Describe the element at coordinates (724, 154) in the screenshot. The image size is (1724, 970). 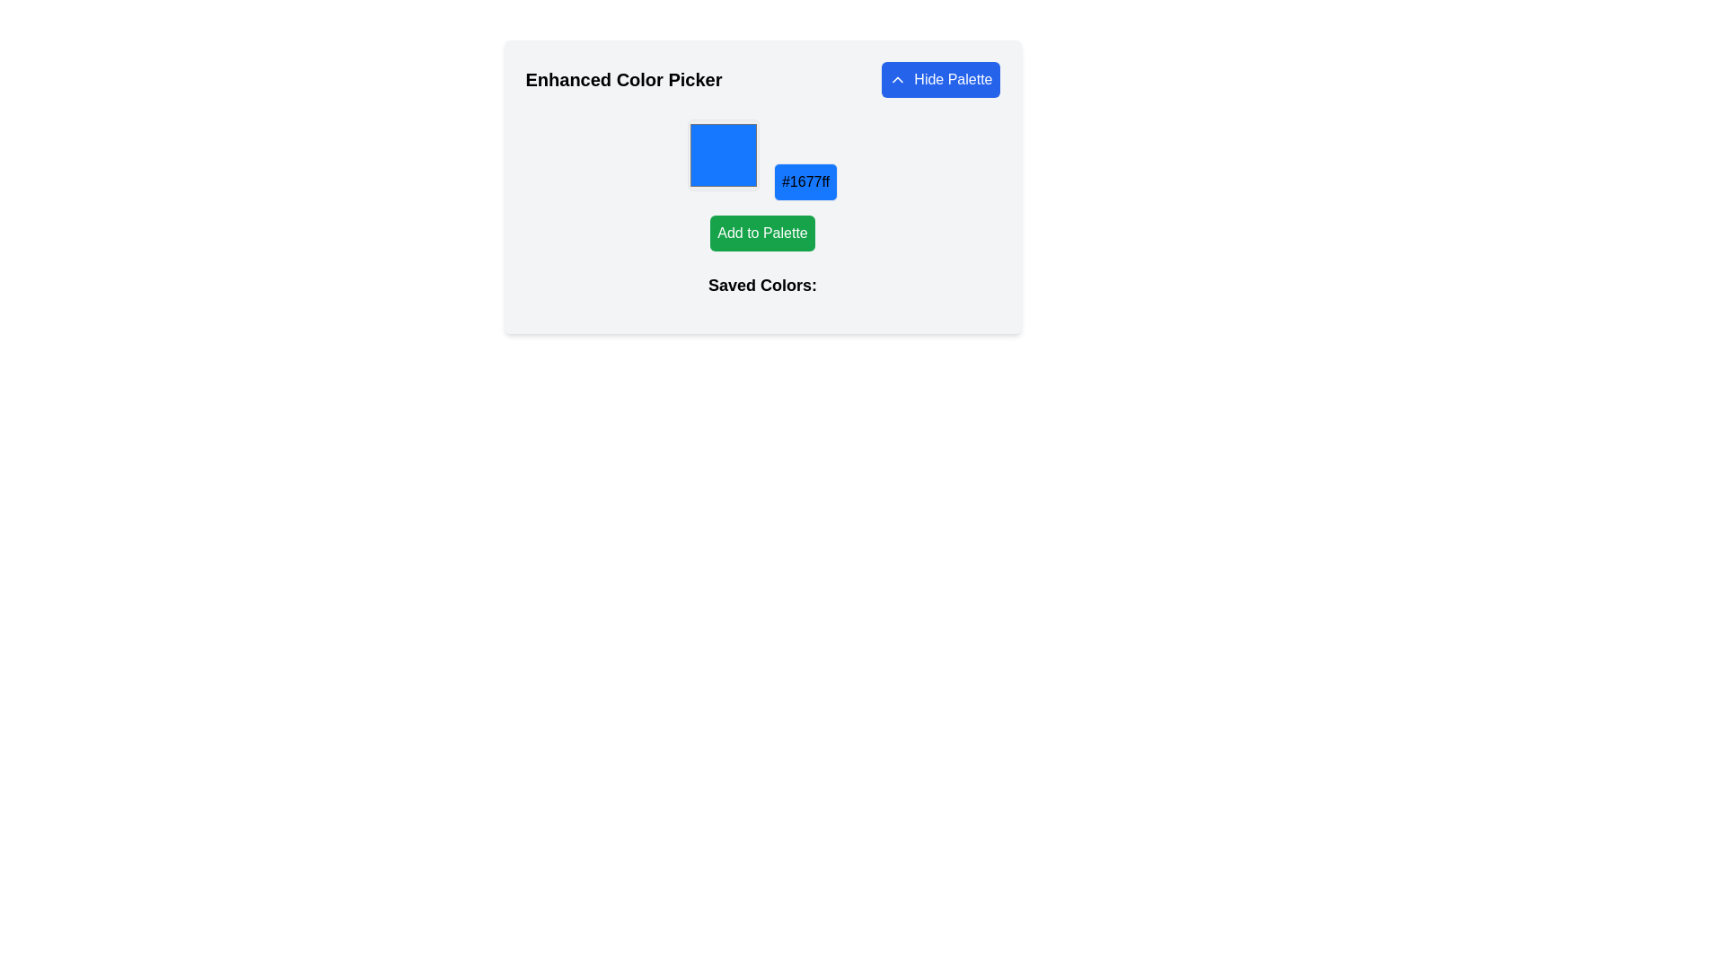
I see `the color swatch block that displays the blue color represented by the code '#1677ff'` at that location.